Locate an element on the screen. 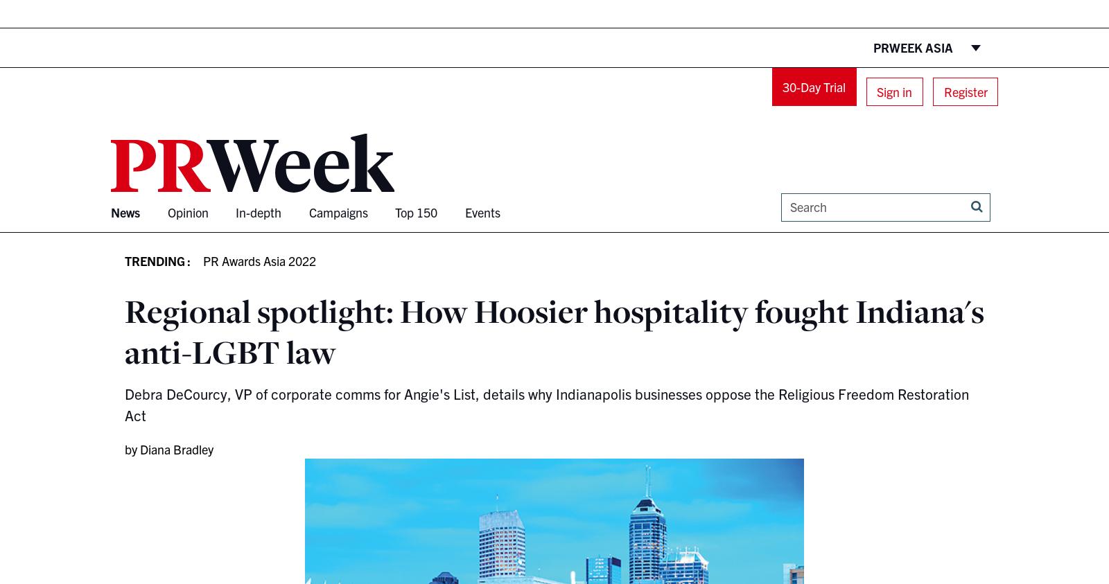 The width and height of the screenshot is (1109, 584). 'by
                            Diana Bradley' is located at coordinates (169, 448).